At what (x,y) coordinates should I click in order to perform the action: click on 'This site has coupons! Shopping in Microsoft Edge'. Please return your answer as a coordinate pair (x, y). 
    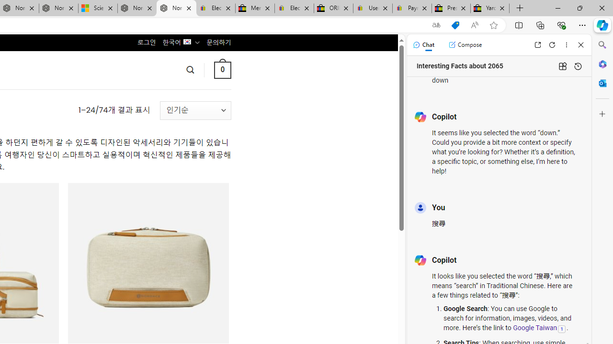
    Looking at the image, I should click on (455, 25).